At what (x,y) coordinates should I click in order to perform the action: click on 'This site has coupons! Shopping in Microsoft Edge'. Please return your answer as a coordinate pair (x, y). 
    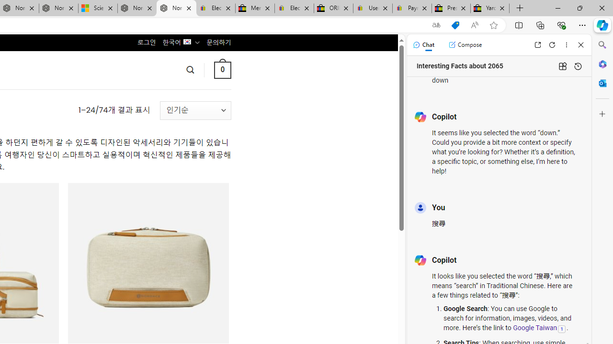
    Looking at the image, I should click on (455, 25).